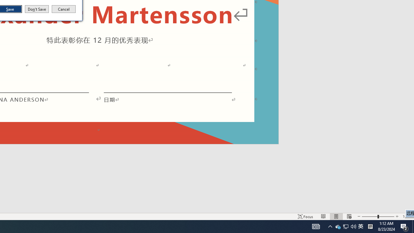  What do you see at coordinates (353, 226) in the screenshot?
I see `'Q2790: 100%'` at bounding box center [353, 226].